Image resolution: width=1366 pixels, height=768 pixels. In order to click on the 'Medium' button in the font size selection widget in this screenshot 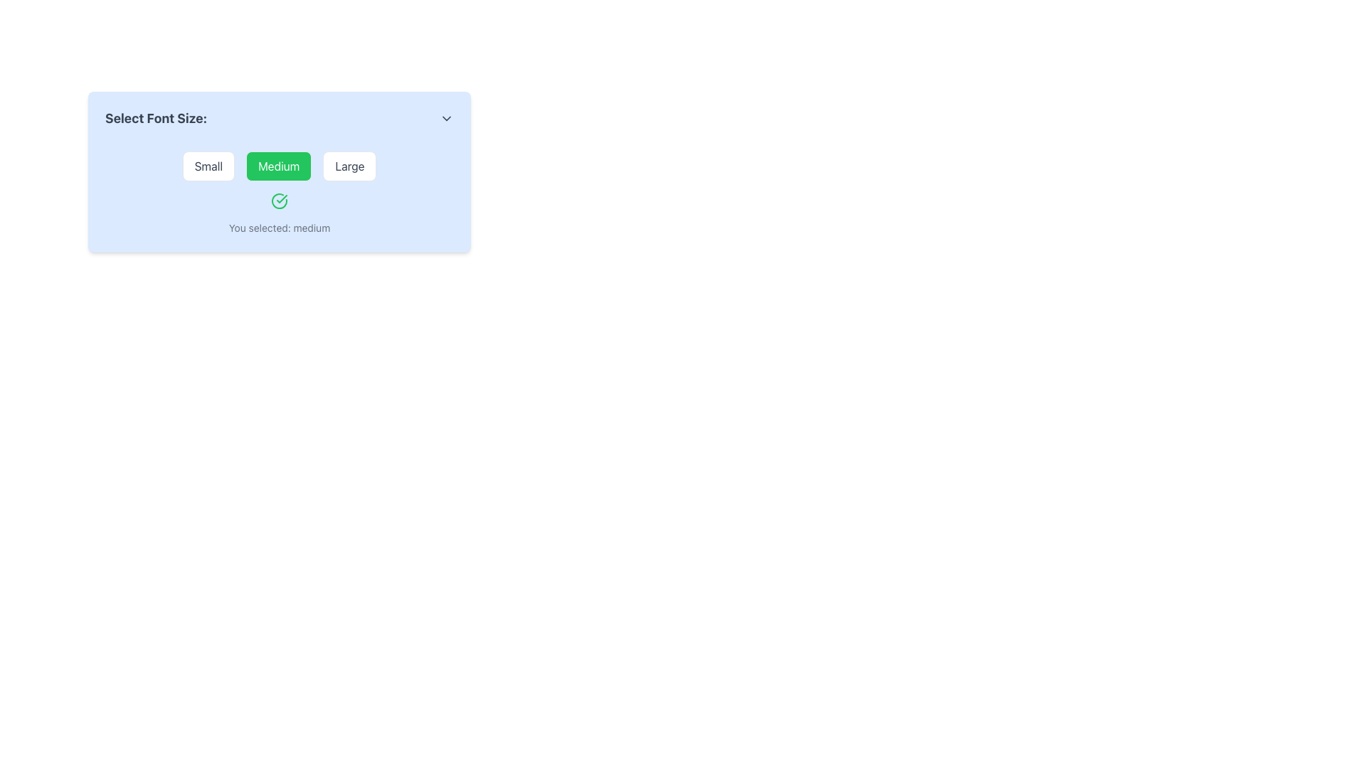, I will do `click(280, 171)`.